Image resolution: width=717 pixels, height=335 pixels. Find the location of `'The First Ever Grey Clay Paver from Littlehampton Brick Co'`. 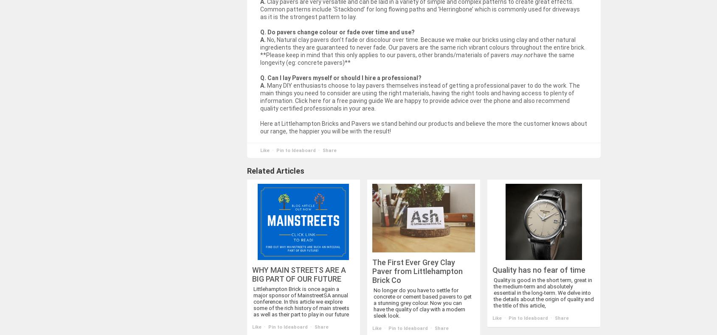

'The First Ever Grey Clay Paver from Littlehampton Brick Co' is located at coordinates (416, 271).